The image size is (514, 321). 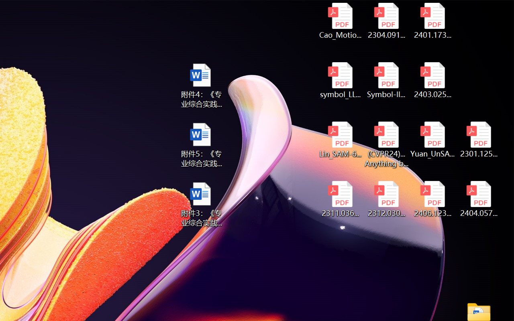 What do you see at coordinates (386, 144) in the screenshot?
I see `'(CVPR24)Matching Anything by Segmenting Anything.pdf'` at bounding box center [386, 144].